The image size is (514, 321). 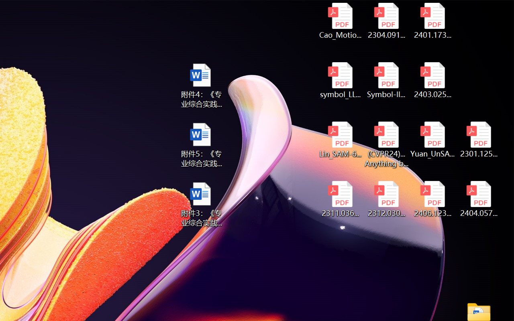 What do you see at coordinates (386, 144) in the screenshot?
I see `'(CVPR24)Matching Anything by Segmenting Anything.pdf'` at bounding box center [386, 144].